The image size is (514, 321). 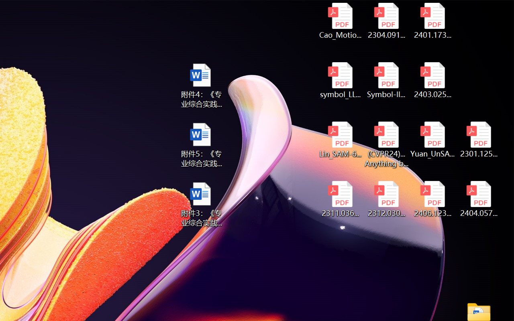 What do you see at coordinates (386, 144) in the screenshot?
I see `'(CVPR24)Matching Anything by Segmenting Anything.pdf'` at bounding box center [386, 144].